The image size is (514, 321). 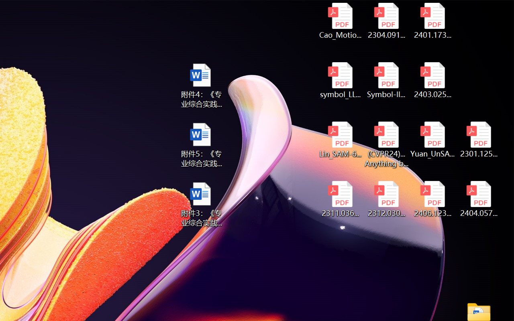 What do you see at coordinates (386, 144) in the screenshot?
I see `'(CVPR24)Matching Anything by Segmenting Anything.pdf'` at bounding box center [386, 144].